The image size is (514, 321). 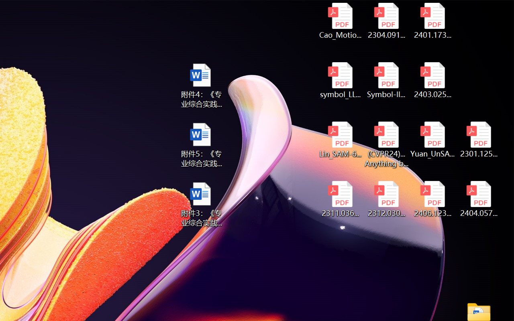 What do you see at coordinates (386, 144) in the screenshot?
I see `'(CVPR24)Matching Anything by Segmenting Anything.pdf'` at bounding box center [386, 144].